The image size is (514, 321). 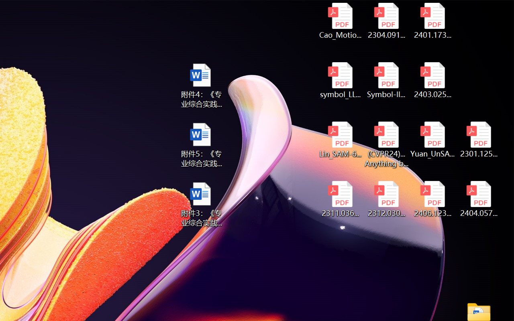 What do you see at coordinates (386, 144) in the screenshot?
I see `'(CVPR24)Matching Anything by Segmenting Anything.pdf'` at bounding box center [386, 144].